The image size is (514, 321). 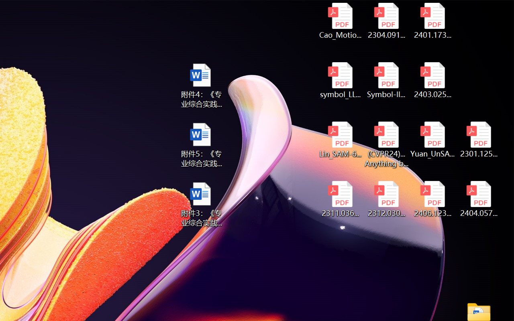 What do you see at coordinates (386, 144) in the screenshot?
I see `'(CVPR24)Matching Anything by Segmenting Anything.pdf'` at bounding box center [386, 144].